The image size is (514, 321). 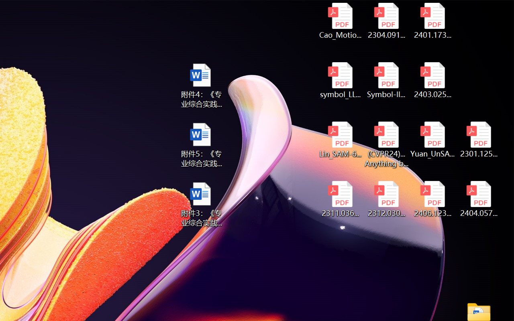 What do you see at coordinates (386, 144) in the screenshot?
I see `'(CVPR24)Matching Anything by Segmenting Anything.pdf'` at bounding box center [386, 144].